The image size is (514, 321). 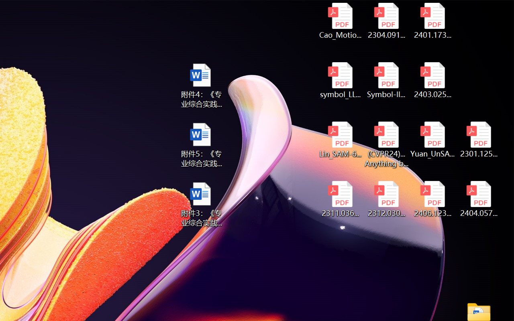 What do you see at coordinates (386, 144) in the screenshot?
I see `'(CVPR24)Matching Anything by Segmenting Anything.pdf'` at bounding box center [386, 144].